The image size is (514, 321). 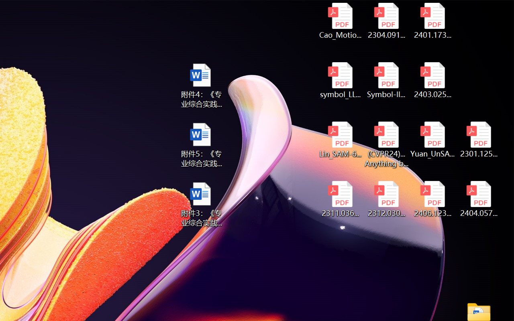 What do you see at coordinates (386, 144) in the screenshot?
I see `'(CVPR24)Matching Anything by Segmenting Anything.pdf'` at bounding box center [386, 144].